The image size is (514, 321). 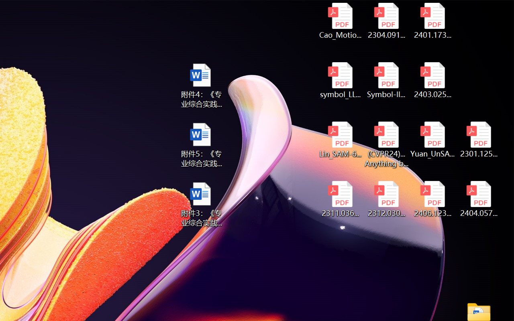 What do you see at coordinates (386, 144) in the screenshot?
I see `'(CVPR24)Matching Anything by Segmenting Anything.pdf'` at bounding box center [386, 144].